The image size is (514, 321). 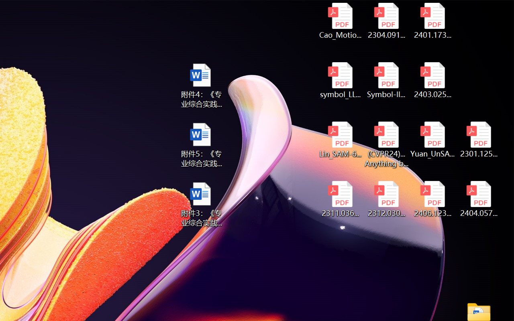 What do you see at coordinates (386, 144) in the screenshot?
I see `'(CVPR24)Matching Anything by Segmenting Anything.pdf'` at bounding box center [386, 144].